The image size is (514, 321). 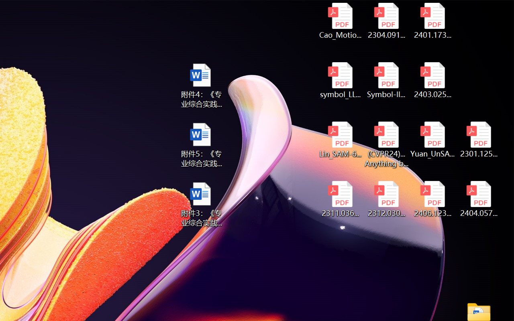 What do you see at coordinates (386, 144) in the screenshot?
I see `'(CVPR24)Matching Anything by Segmenting Anything.pdf'` at bounding box center [386, 144].